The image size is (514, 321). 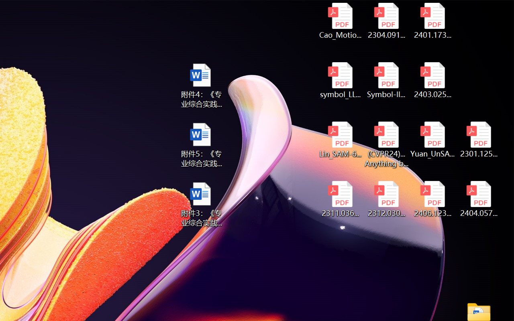 What do you see at coordinates (386, 144) in the screenshot?
I see `'(CVPR24)Matching Anything by Segmenting Anything.pdf'` at bounding box center [386, 144].